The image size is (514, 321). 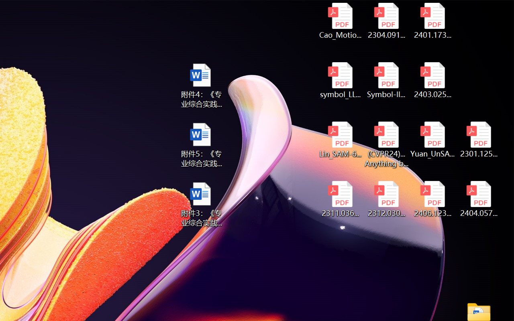 What do you see at coordinates (386, 144) in the screenshot?
I see `'(CVPR24)Matching Anything by Segmenting Anything.pdf'` at bounding box center [386, 144].